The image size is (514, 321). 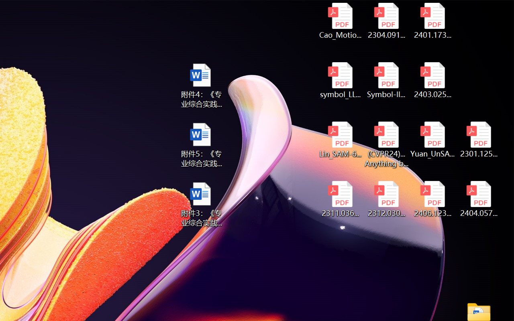 What do you see at coordinates (386, 144) in the screenshot?
I see `'(CVPR24)Matching Anything by Segmenting Anything.pdf'` at bounding box center [386, 144].